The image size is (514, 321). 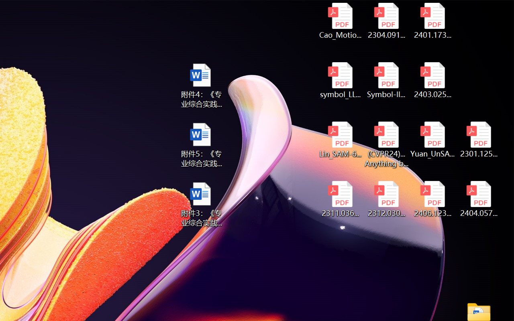 What do you see at coordinates (386, 144) in the screenshot?
I see `'(CVPR24)Matching Anything by Segmenting Anything.pdf'` at bounding box center [386, 144].